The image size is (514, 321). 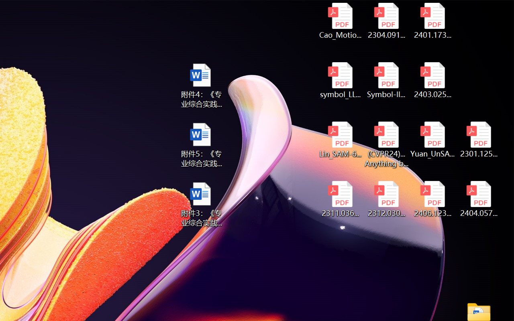 What do you see at coordinates (386, 144) in the screenshot?
I see `'(CVPR24)Matching Anything by Segmenting Anything.pdf'` at bounding box center [386, 144].